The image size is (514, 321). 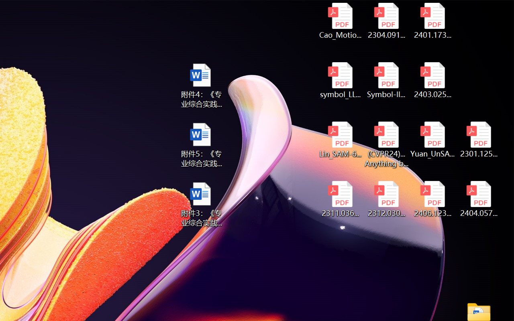 What do you see at coordinates (386, 144) in the screenshot?
I see `'(CVPR24)Matching Anything by Segmenting Anything.pdf'` at bounding box center [386, 144].